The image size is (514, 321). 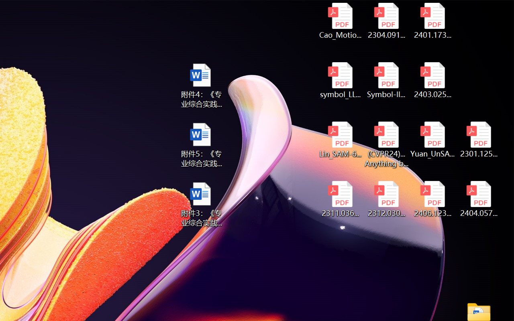 What do you see at coordinates (386, 144) in the screenshot?
I see `'(CVPR24)Matching Anything by Segmenting Anything.pdf'` at bounding box center [386, 144].